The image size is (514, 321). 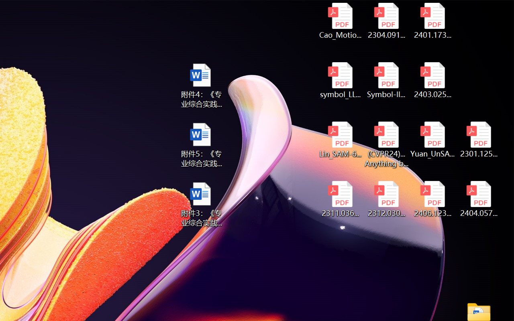 What do you see at coordinates (386, 144) in the screenshot?
I see `'(CVPR24)Matching Anything by Segmenting Anything.pdf'` at bounding box center [386, 144].